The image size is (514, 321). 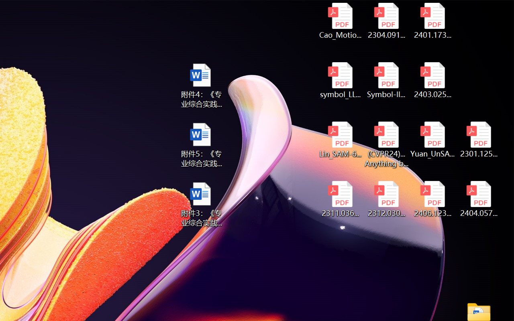 What do you see at coordinates (386, 144) in the screenshot?
I see `'(CVPR24)Matching Anything by Segmenting Anything.pdf'` at bounding box center [386, 144].